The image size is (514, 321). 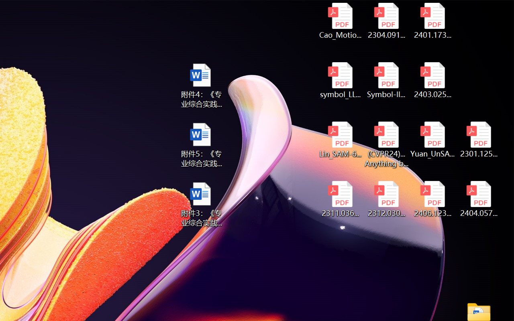 What do you see at coordinates (386, 144) in the screenshot?
I see `'(CVPR24)Matching Anything by Segmenting Anything.pdf'` at bounding box center [386, 144].